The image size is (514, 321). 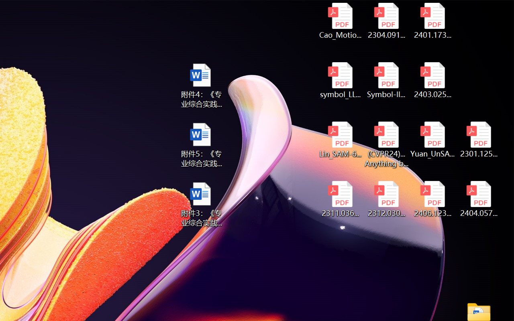 What do you see at coordinates (386, 144) in the screenshot?
I see `'(CVPR24)Matching Anything by Segmenting Anything.pdf'` at bounding box center [386, 144].